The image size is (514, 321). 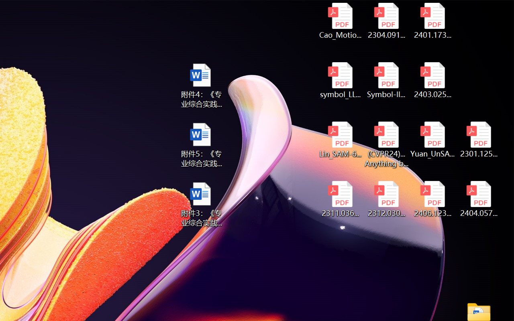 What do you see at coordinates (386, 144) in the screenshot?
I see `'(CVPR24)Matching Anything by Segmenting Anything.pdf'` at bounding box center [386, 144].